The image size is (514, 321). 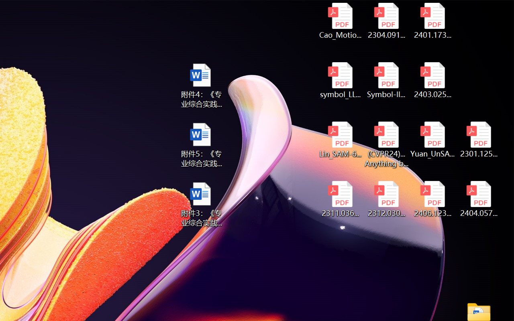 What do you see at coordinates (386, 144) in the screenshot?
I see `'(CVPR24)Matching Anything by Segmenting Anything.pdf'` at bounding box center [386, 144].